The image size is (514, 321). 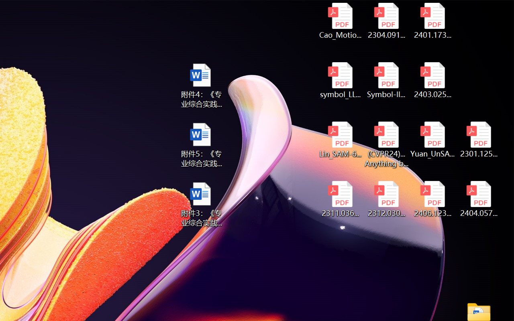 What do you see at coordinates (386, 144) in the screenshot?
I see `'(CVPR24)Matching Anything by Segmenting Anything.pdf'` at bounding box center [386, 144].